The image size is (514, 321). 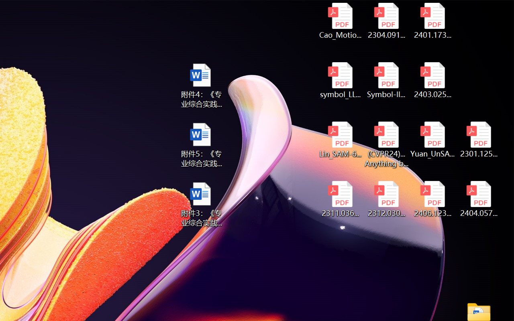 What do you see at coordinates (386, 144) in the screenshot?
I see `'(CVPR24)Matching Anything by Segmenting Anything.pdf'` at bounding box center [386, 144].